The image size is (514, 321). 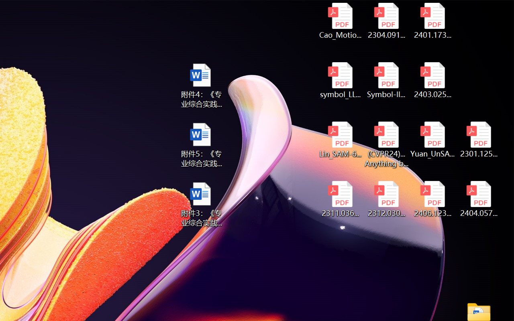 What do you see at coordinates (386, 144) in the screenshot?
I see `'(CVPR24)Matching Anything by Segmenting Anything.pdf'` at bounding box center [386, 144].